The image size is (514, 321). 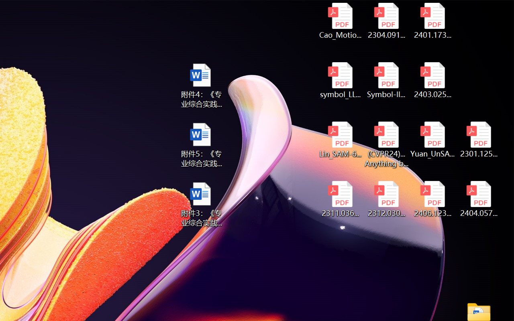 What do you see at coordinates (386, 144) in the screenshot?
I see `'(CVPR24)Matching Anything by Segmenting Anything.pdf'` at bounding box center [386, 144].